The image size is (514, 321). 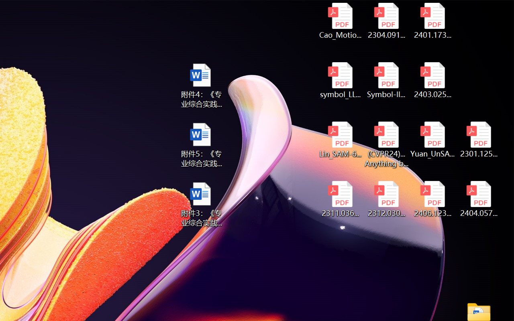 What do you see at coordinates (386, 144) in the screenshot?
I see `'(CVPR24)Matching Anything by Segmenting Anything.pdf'` at bounding box center [386, 144].